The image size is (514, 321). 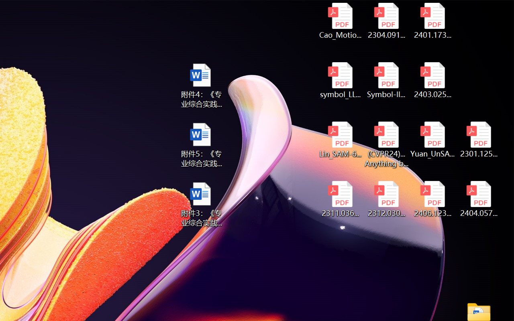 What do you see at coordinates (386, 144) in the screenshot?
I see `'(CVPR24)Matching Anything by Segmenting Anything.pdf'` at bounding box center [386, 144].